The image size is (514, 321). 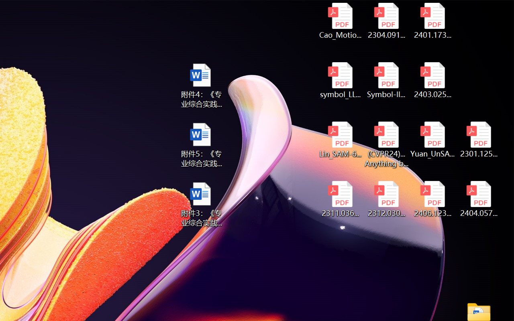 What do you see at coordinates (386, 144) in the screenshot?
I see `'(CVPR24)Matching Anything by Segmenting Anything.pdf'` at bounding box center [386, 144].